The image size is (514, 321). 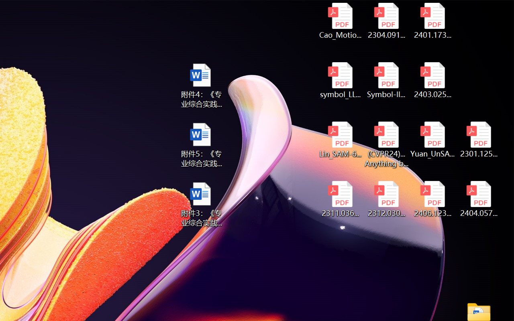 What do you see at coordinates (386, 144) in the screenshot?
I see `'(CVPR24)Matching Anything by Segmenting Anything.pdf'` at bounding box center [386, 144].